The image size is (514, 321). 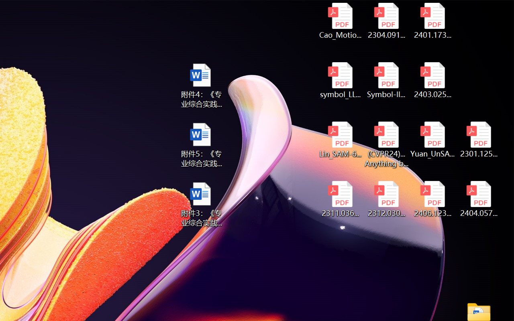 What do you see at coordinates (386, 144) in the screenshot?
I see `'(CVPR24)Matching Anything by Segmenting Anything.pdf'` at bounding box center [386, 144].